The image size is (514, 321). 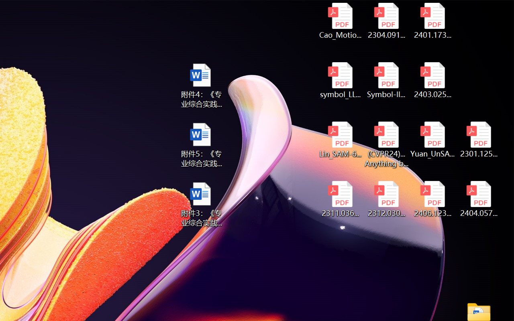 What do you see at coordinates (386, 144) in the screenshot?
I see `'(CVPR24)Matching Anything by Segmenting Anything.pdf'` at bounding box center [386, 144].